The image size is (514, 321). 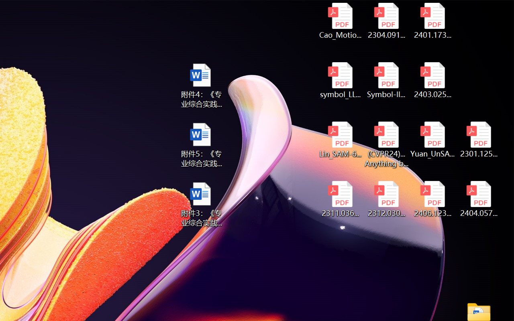 What do you see at coordinates (386, 144) in the screenshot?
I see `'(CVPR24)Matching Anything by Segmenting Anything.pdf'` at bounding box center [386, 144].